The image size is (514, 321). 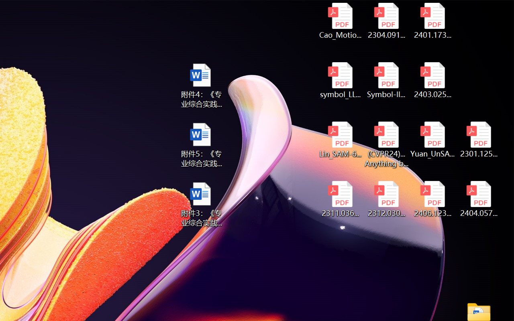 What do you see at coordinates (386, 144) in the screenshot?
I see `'(CVPR24)Matching Anything by Segmenting Anything.pdf'` at bounding box center [386, 144].